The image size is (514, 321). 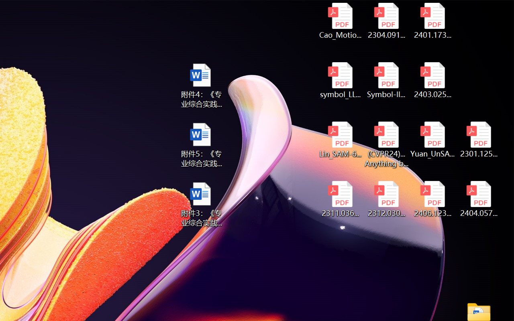 What do you see at coordinates (386, 144) in the screenshot?
I see `'(CVPR24)Matching Anything by Segmenting Anything.pdf'` at bounding box center [386, 144].